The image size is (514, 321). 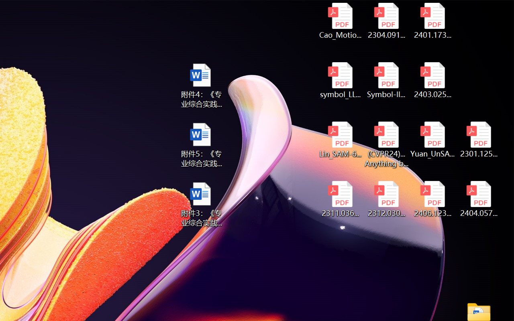 What do you see at coordinates (386, 144) in the screenshot?
I see `'(CVPR24)Matching Anything by Segmenting Anything.pdf'` at bounding box center [386, 144].